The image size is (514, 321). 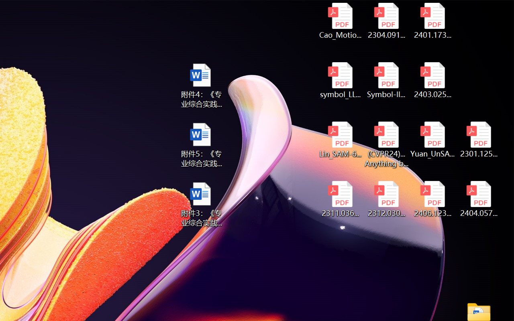 What do you see at coordinates (386, 144) in the screenshot?
I see `'(CVPR24)Matching Anything by Segmenting Anything.pdf'` at bounding box center [386, 144].